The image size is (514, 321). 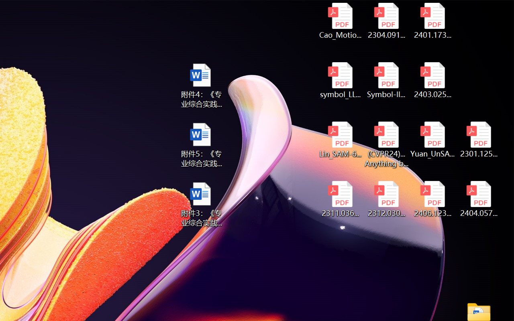 What do you see at coordinates (386, 144) in the screenshot?
I see `'(CVPR24)Matching Anything by Segmenting Anything.pdf'` at bounding box center [386, 144].